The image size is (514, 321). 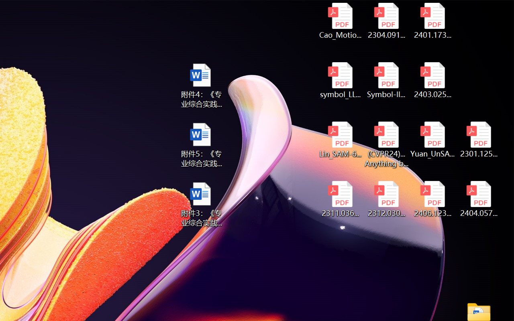 What do you see at coordinates (386, 144) in the screenshot?
I see `'(CVPR24)Matching Anything by Segmenting Anything.pdf'` at bounding box center [386, 144].